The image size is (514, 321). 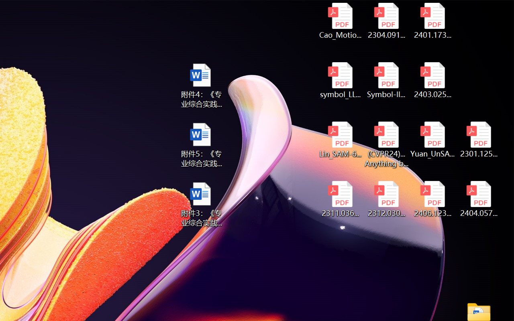 What do you see at coordinates (386, 144) in the screenshot?
I see `'(CVPR24)Matching Anything by Segmenting Anything.pdf'` at bounding box center [386, 144].